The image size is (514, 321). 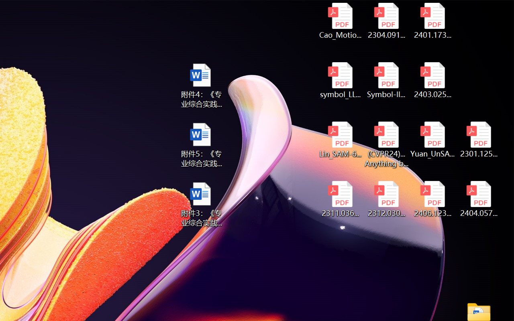 What do you see at coordinates (386, 144) in the screenshot?
I see `'(CVPR24)Matching Anything by Segmenting Anything.pdf'` at bounding box center [386, 144].